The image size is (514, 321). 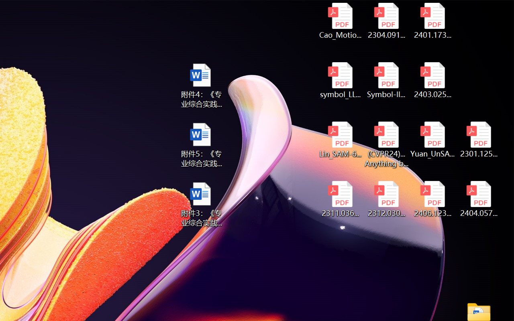 What do you see at coordinates (386, 144) in the screenshot?
I see `'(CVPR24)Matching Anything by Segmenting Anything.pdf'` at bounding box center [386, 144].